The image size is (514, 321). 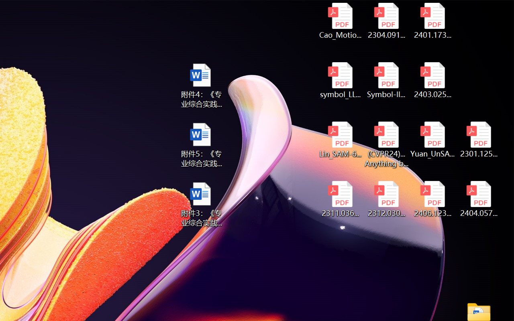 What do you see at coordinates (386, 144) in the screenshot?
I see `'(CVPR24)Matching Anything by Segmenting Anything.pdf'` at bounding box center [386, 144].